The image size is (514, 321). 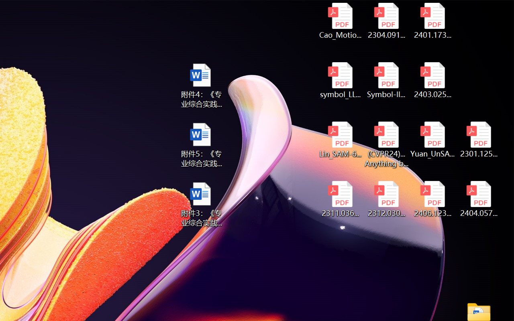 What do you see at coordinates (386, 144) in the screenshot?
I see `'(CVPR24)Matching Anything by Segmenting Anything.pdf'` at bounding box center [386, 144].